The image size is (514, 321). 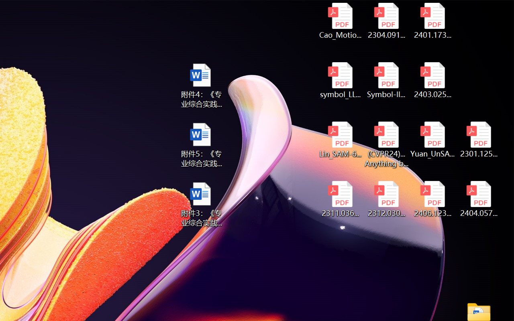 What do you see at coordinates (386, 144) in the screenshot?
I see `'(CVPR24)Matching Anything by Segmenting Anything.pdf'` at bounding box center [386, 144].